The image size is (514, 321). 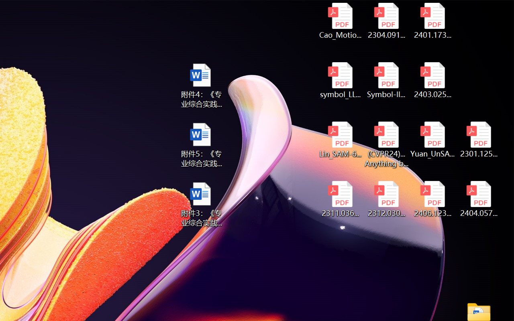 What do you see at coordinates (386, 144) in the screenshot?
I see `'(CVPR24)Matching Anything by Segmenting Anything.pdf'` at bounding box center [386, 144].